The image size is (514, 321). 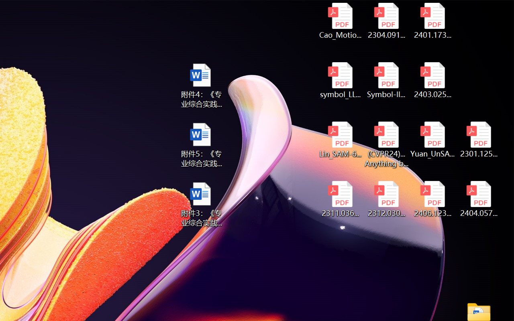 What do you see at coordinates (386, 144) in the screenshot?
I see `'(CVPR24)Matching Anything by Segmenting Anything.pdf'` at bounding box center [386, 144].